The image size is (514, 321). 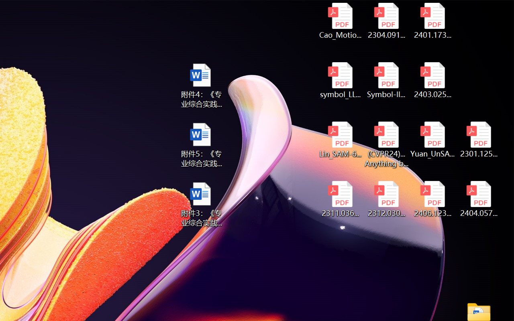 What do you see at coordinates (386, 144) in the screenshot?
I see `'(CVPR24)Matching Anything by Segmenting Anything.pdf'` at bounding box center [386, 144].